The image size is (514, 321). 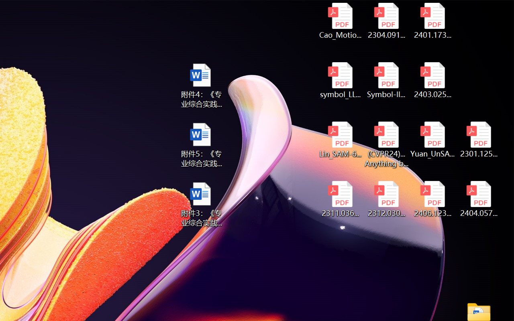 What do you see at coordinates (386, 144) in the screenshot?
I see `'(CVPR24)Matching Anything by Segmenting Anything.pdf'` at bounding box center [386, 144].